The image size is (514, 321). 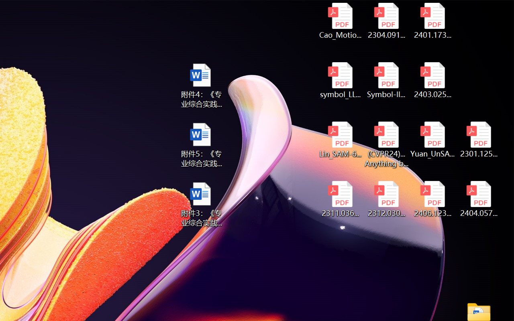 What do you see at coordinates (386, 144) in the screenshot?
I see `'(CVPR24)Matching Anything by Segmenting Anything.pdf'` at bounding box center [386, 144].